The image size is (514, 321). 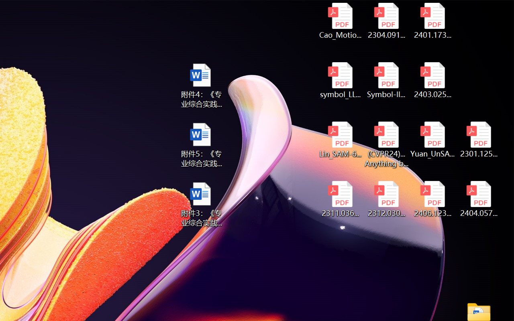 What do you see at coordinates (386, 144) in the screenshot?
I see `'(CVPR24)Matching Anything by Segmenting Anything.pdf'` at bounding box center [386, 144].